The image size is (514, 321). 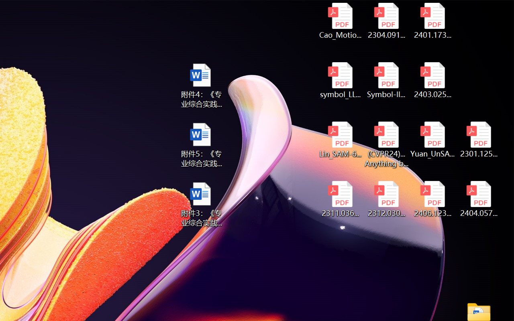 What do you see at coordinates (386, 144) in the screenshot?
I see `'(CVPR24)Matching Anything by Segmenting Anything.pdf'` at bounding box center [386, 144].